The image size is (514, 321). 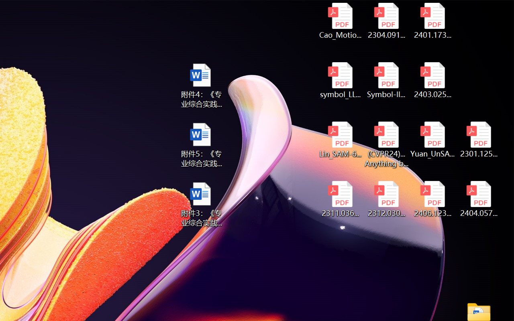 What do you see at coordinates (386, 144) in the screenshot?
I see `'(CVPR24)Matching Anything by Segmenting Anything.pdf'` at bounding box center [386, 144].